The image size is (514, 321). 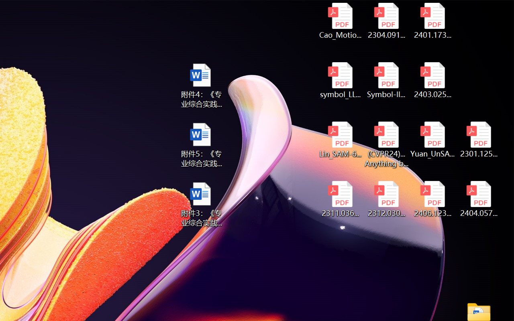 What do you see at coordinates (386, 144) in the screenshot?
I see `'(CVPR24)Matching Anything by Segmenting Anything.pdf'` at bounding box center [386, 144].